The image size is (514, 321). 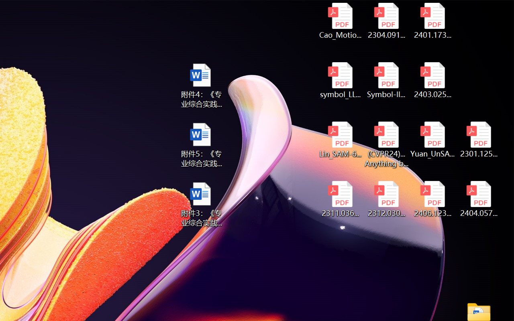 What do you see at coordinates (386, 144) in the screenshot?
I see `'(CVPR24)Matching Anything by Segmenting Anything.pdf'` at bounding box center [386, 144].